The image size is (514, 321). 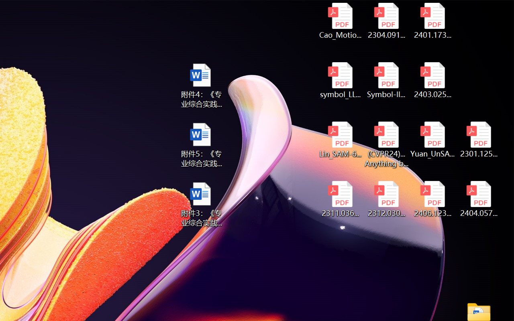 What do you see at coordinates (386, 144) in the screenshot?
I see `'(CVPR24)Matching Anything by Segmenting Anything.pdf'` at bounding box center [386, 144].